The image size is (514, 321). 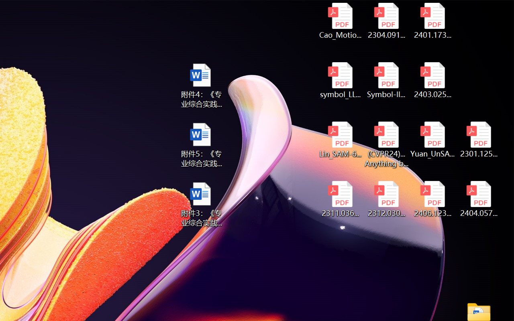 What do you see at coordinates (386, 144) in the screenshot?
I see `'(CVPR24)Matching Anything by Segmenting Anything.pdf'` at bounding box center [386, 144].